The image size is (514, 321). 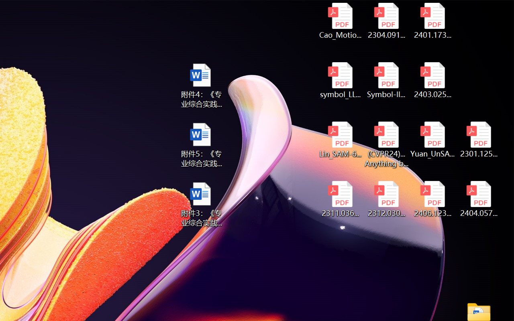 What do you see at coordinates (386, 144) in the screenshot?
I see `'(CVPR24)Matching Anything by Segmenting Anything.pdf'` at bounding box center [386, 144].